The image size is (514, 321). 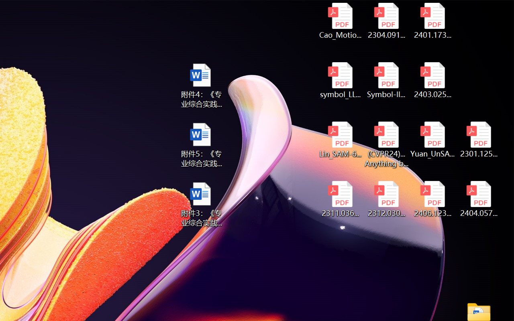 What do you see at coordinates (386, 144) in the screenshot?
I see `'(CVPR24)Matching Anything by Segmenting Anything.pdf'` at bounding box center [386, 144].